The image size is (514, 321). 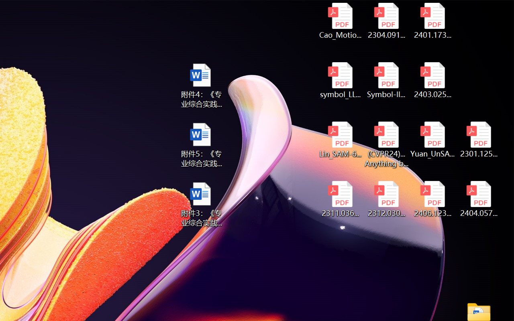 What do you see at coordinates (386, 144) in the screenshot?
I see `'(CVPR24)Matching Anything by Segmenting Anything.pdf'` at bounding box center [386, 144].